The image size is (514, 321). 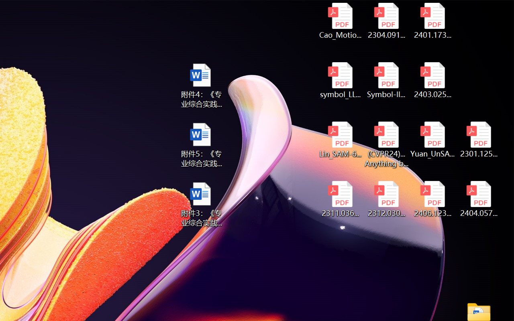 What do you see at coordinates (386, 144) in the screenshot?
I see `'(CVPR24)Matching Anything by Segmenting Anything.pdf'` at bounding box center [386, 144].